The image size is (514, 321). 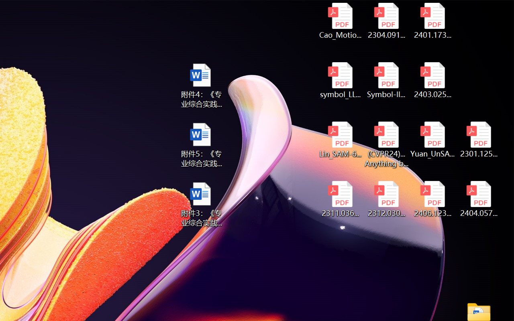 What do you see at coordinates (386, 144) in the screenshot?
I see `'(CVPR24)Matching Anything by Segmenting Anything.pdf'` at bounding box center [386, 144].